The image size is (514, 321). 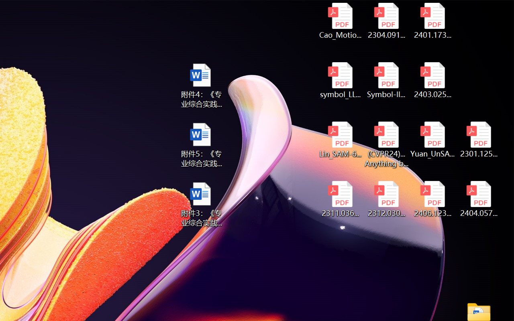 What do you see at coordinates (386, 144) in the screenshot?
I see `'(CVPR24)Matching Anything by Segmenting Anything.pdf'` at bounding box center [386, 144].